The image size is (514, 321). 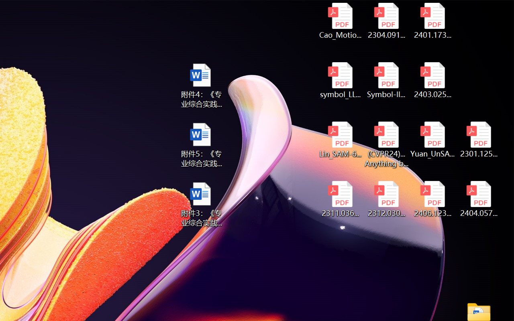 What do you see at coordinates (386, 144) in the screenshot?
I see `'(CVPR24)Matching Anything by Segmenting Anything.pdf'` at bounding box center [386, 144].